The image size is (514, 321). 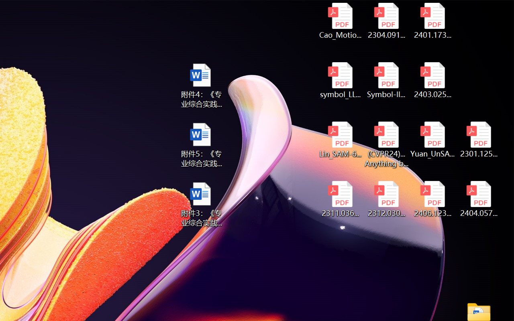 What do you see at coordinates (386, 144) in the screenshot?
I see `'(CVPR24)Matching Anything by Segmenting Anything.pdf'` at bounding box center [386, 144].